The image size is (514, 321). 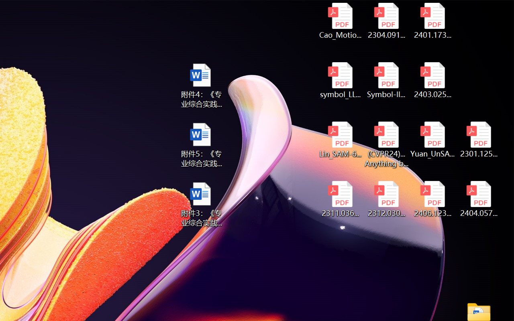 What do you see at coordinates (386, 144) in the screenshot?
I see `'(CVPR24)Matching Anything by Segmenting Anything.pdf'` at bounding box center [386, 144].